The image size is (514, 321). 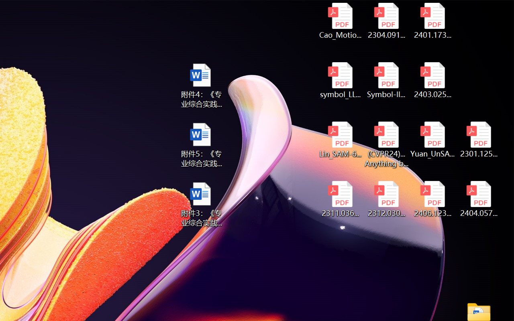 What do you see at coordinates (386, 144) in the screenshot?
I see `'(CVPR24)Matching Anything by Segmenting Anything.pdf'` at bounding box center [386, 144].